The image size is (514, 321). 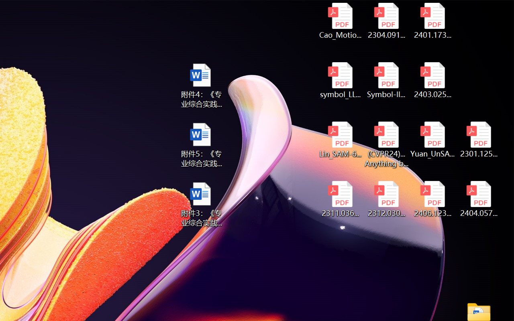 What do you see at coordinates (386, 144) in the screenshot?
I see `'(CVPR24)Matching Anything by Segmenting Anything.pdf'` at bounding box center [386, 144].